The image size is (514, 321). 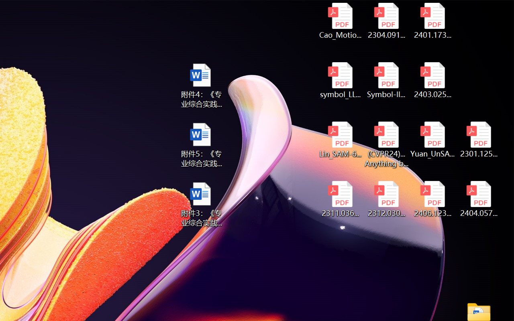 What do you see at coordinates (386, 144) in the screenshot?
I see `'(CVPR24)Matching Anything by Segmenting Anything.pdf'` at bounding box center [386, 144].